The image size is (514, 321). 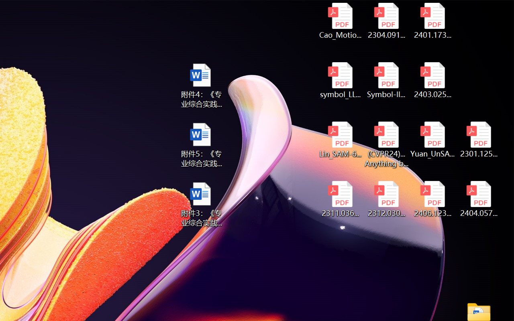 What do you see at coordinates (386, 144) in the screenshot?
I see `'(CVPR24)Matching Anything by Segmenting Anything.pdf'` at bounding box center [386, 144].